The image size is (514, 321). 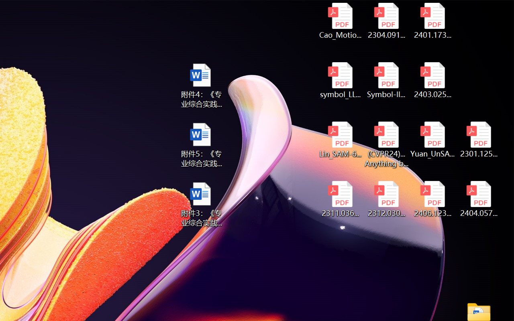 What do you see at coordinates (386, 144) in the screenshot?
I see `'(CVPR24)Matching Anything by Segmenting Anything.pdf'` at bounding box center [386, 144].